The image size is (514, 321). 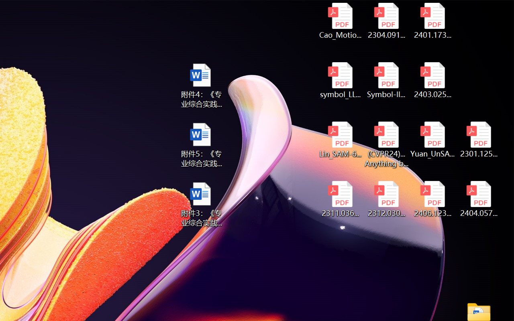 What do you see at coordinates (386, 144) in the screenshot?
I see `'(CVPR24)Matching Anything by Segmenting Anything.pdf'` at bounding box center [386, 144].